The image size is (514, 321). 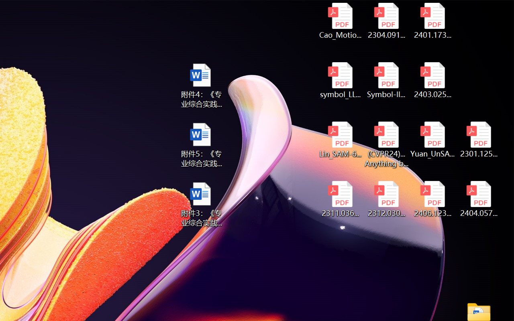 What do you see at coordinates (386, 144) in the screenshot?
I see `'(CVPR24)Matching Anything by Segmenting Anything.pdf'` at bounding box center [386, 144].